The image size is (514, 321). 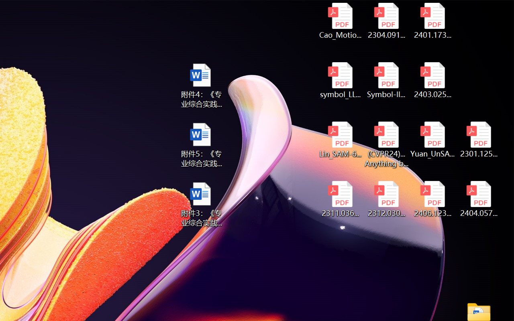 What do you see at coordinates (386, 144) in the screenshot?
I see `'(CVPR24)Matching Anything by Segmenting Anything.pdf'` at bounding box center [386, 144].